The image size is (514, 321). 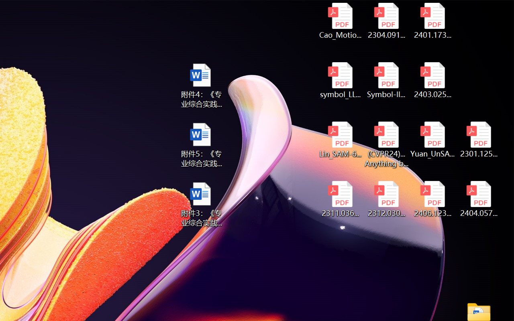 What do you see at coordinates (386, 144) in the screenshot?
I see `'(CVPR24)Matching Anything by Segmenting Anything.pdf'` at bounding box center [386, 144].